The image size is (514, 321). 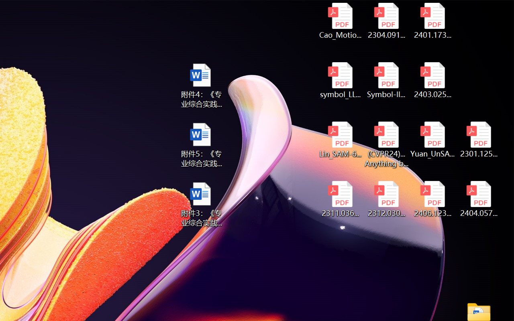 What do you see at coordinates (386, 144) in the screenshot?
I see `'(CVPR24)Matching Anything by Segmenting Anything.pdf'` at bounding box center [386, 144].